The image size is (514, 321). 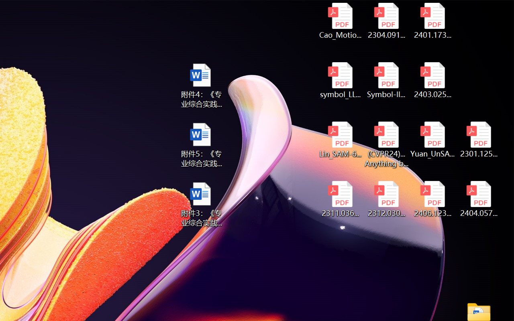 What do you see at coordinates (386, 144) in the screenshot?
I see `'(CVPR24)Matching Anything by Segmenting Anything.pdf'` at bounding box center [386, 144].